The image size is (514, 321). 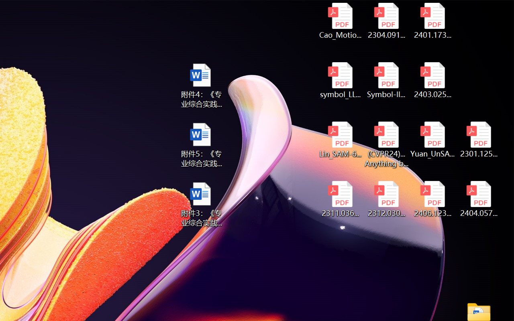 What do you see at coordinates (386, 144) in the screenshot?
I see `'(CVPR24)Matching Anything by Segmenting Anything.pdf'` at bounding box center [386, 144].